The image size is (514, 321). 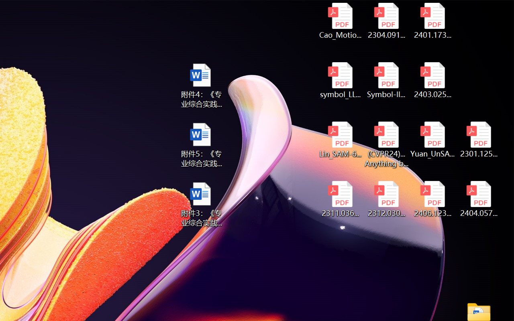 What do you see at coordinates (386, 144) in the screenshot?
I see `'(CVPR24)Matching Anything by Segmenting Anything.pdf'` at bounding box center [386, 144].